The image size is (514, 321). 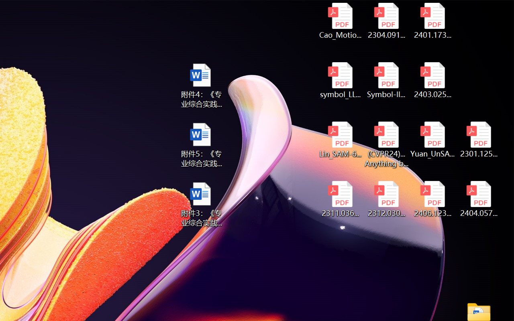 What do you see at coordinates (386, 144) in the screenshot?
I see `'(CVPR24)Matching Anything by Segmenting Anything.pdf'` at bounding box center [386, 144].